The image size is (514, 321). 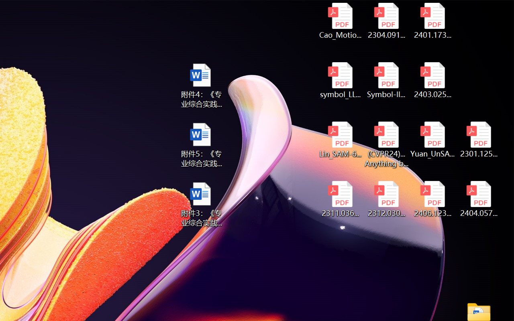 What do you see at coordinates (386, 144) in the screenshot?
I see `'(CVPR24)Matching Anything by Segmenting Anything.pdf'` at bounding box center [386, 144].